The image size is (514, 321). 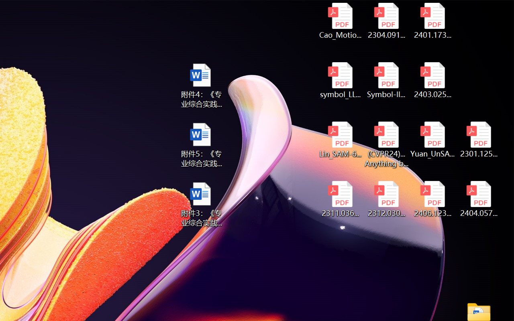 What do you see at coordinates (386, 144) in the screenshot?
I see `'(CVPR24)Matching Anything by Segmenting Anything.pdf'` at bounding box center [386, 144].